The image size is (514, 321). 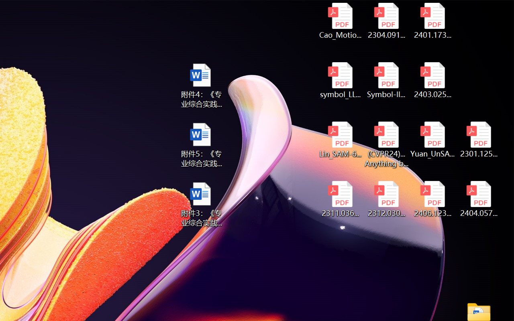 What do you see at coordinates (386, 144) in the screenshot?
I see `'(CVPR24)Matching Anything by Segmenting Anything.pdf'` at bounding box center [386, 144].